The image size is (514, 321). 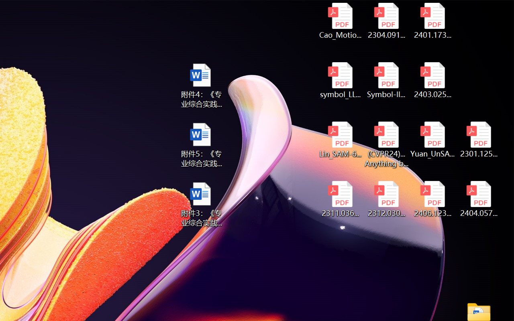 What do you see at coordinates (386, 144) in the screenshot?
I see `'(CVPR24)Matching Anything by Segmenting Anything.pdf'` at bounding box center [386, 144].